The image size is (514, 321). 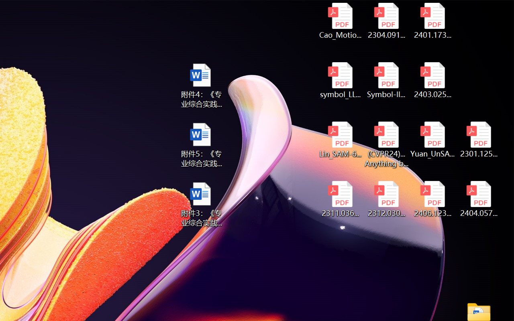 What do you see at coordinates (386, 144) in the screenshot?
I see `'(CVPR24)Matching Anything by Segmenting Anything.pdf'` at bounding box center [386, 144].